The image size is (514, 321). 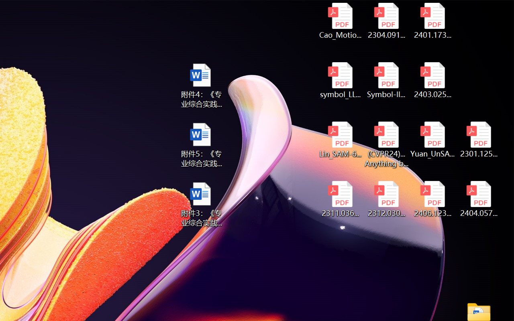 What do you see at coordinates (386, 144) in the screenshot?
I see `'(CVPR24)Matching Anything by Segmenting Anything.pdf'` at bounding box center [386, 144].